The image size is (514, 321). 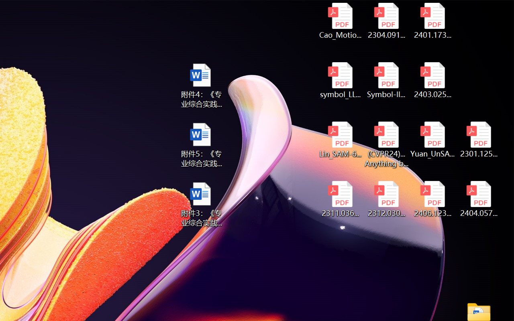 What do you see at coordinates (386, 144) in the screenshot?
I see `'(CVPR24)Matching Anything by Segmenting Anything.pdf'` at bounding box center [386, 144].